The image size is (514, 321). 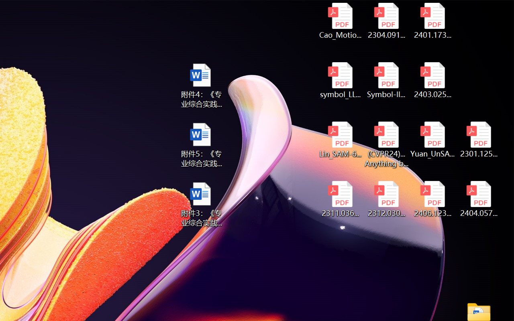 What do you see at coordinates (386, 144) in the screenshot?
I see `'(CVPR24)Matching Anything by Segmenting Anything.pdf'` at bounding box center [386, 144].